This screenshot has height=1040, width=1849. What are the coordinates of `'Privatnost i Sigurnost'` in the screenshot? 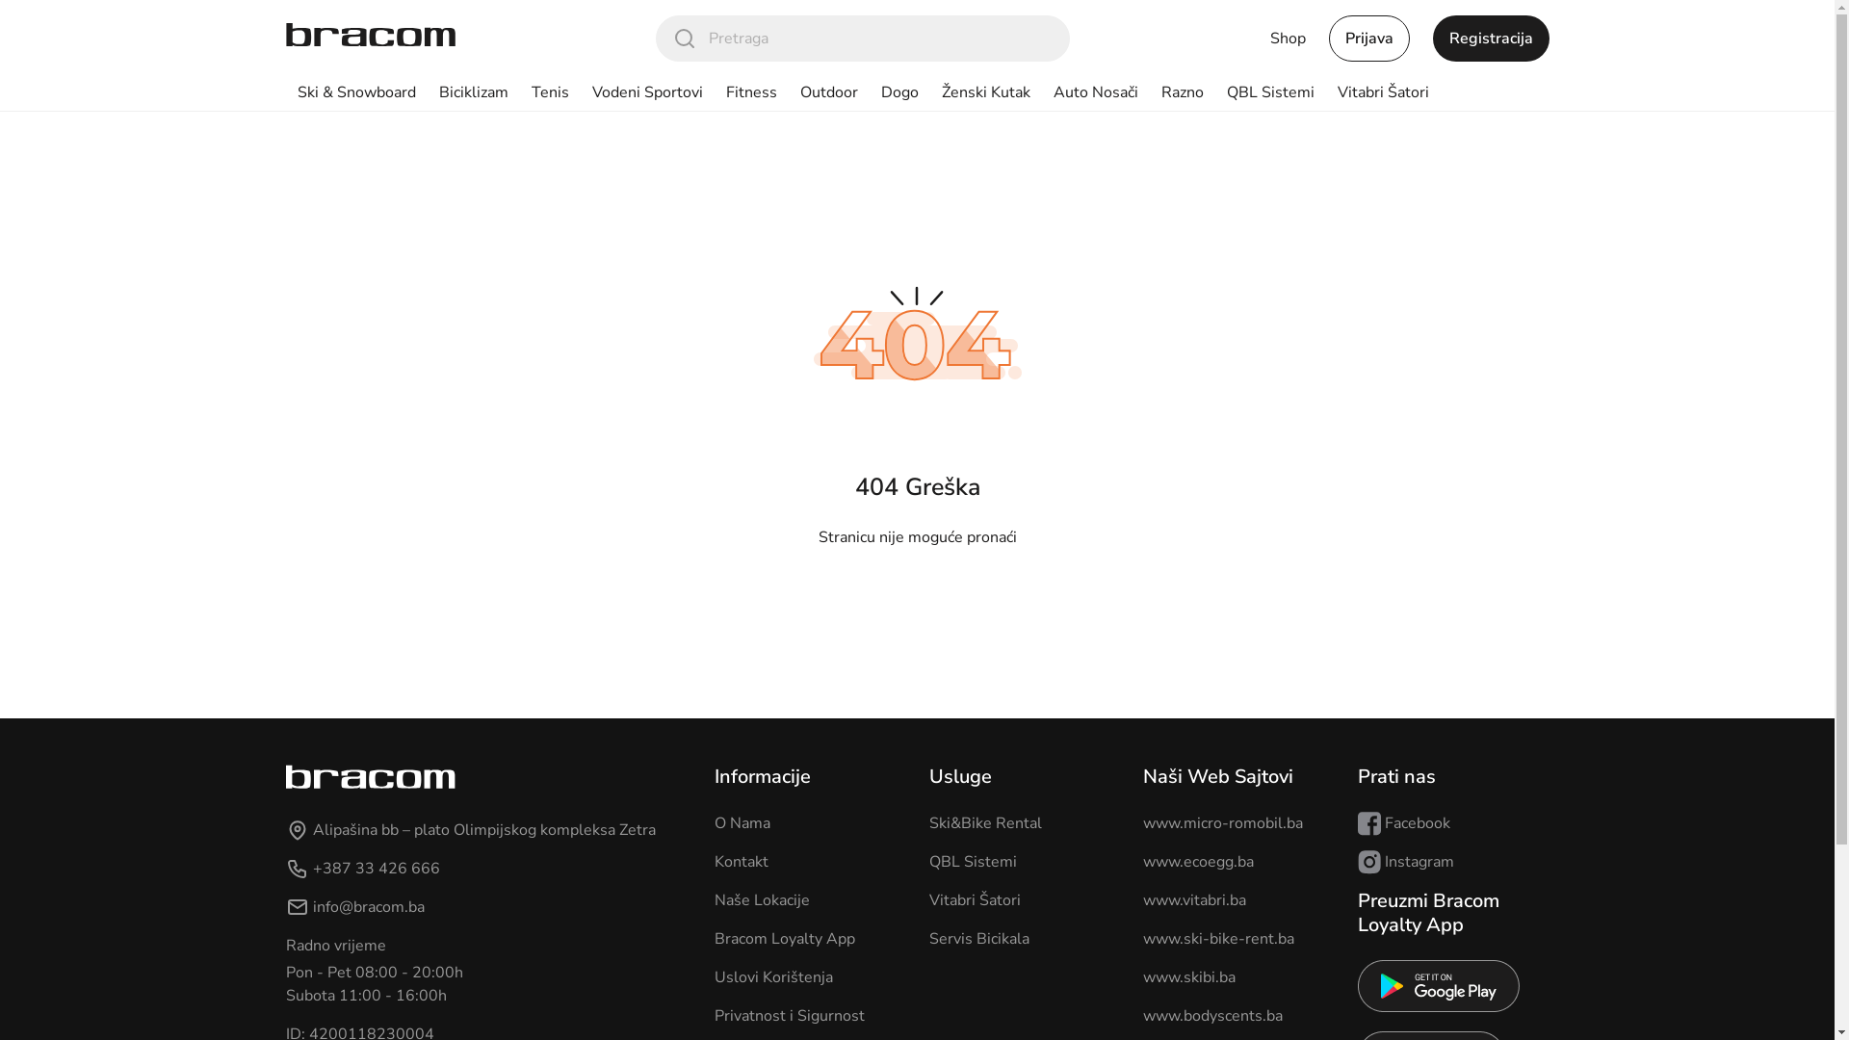 It's located at (790, 1015).